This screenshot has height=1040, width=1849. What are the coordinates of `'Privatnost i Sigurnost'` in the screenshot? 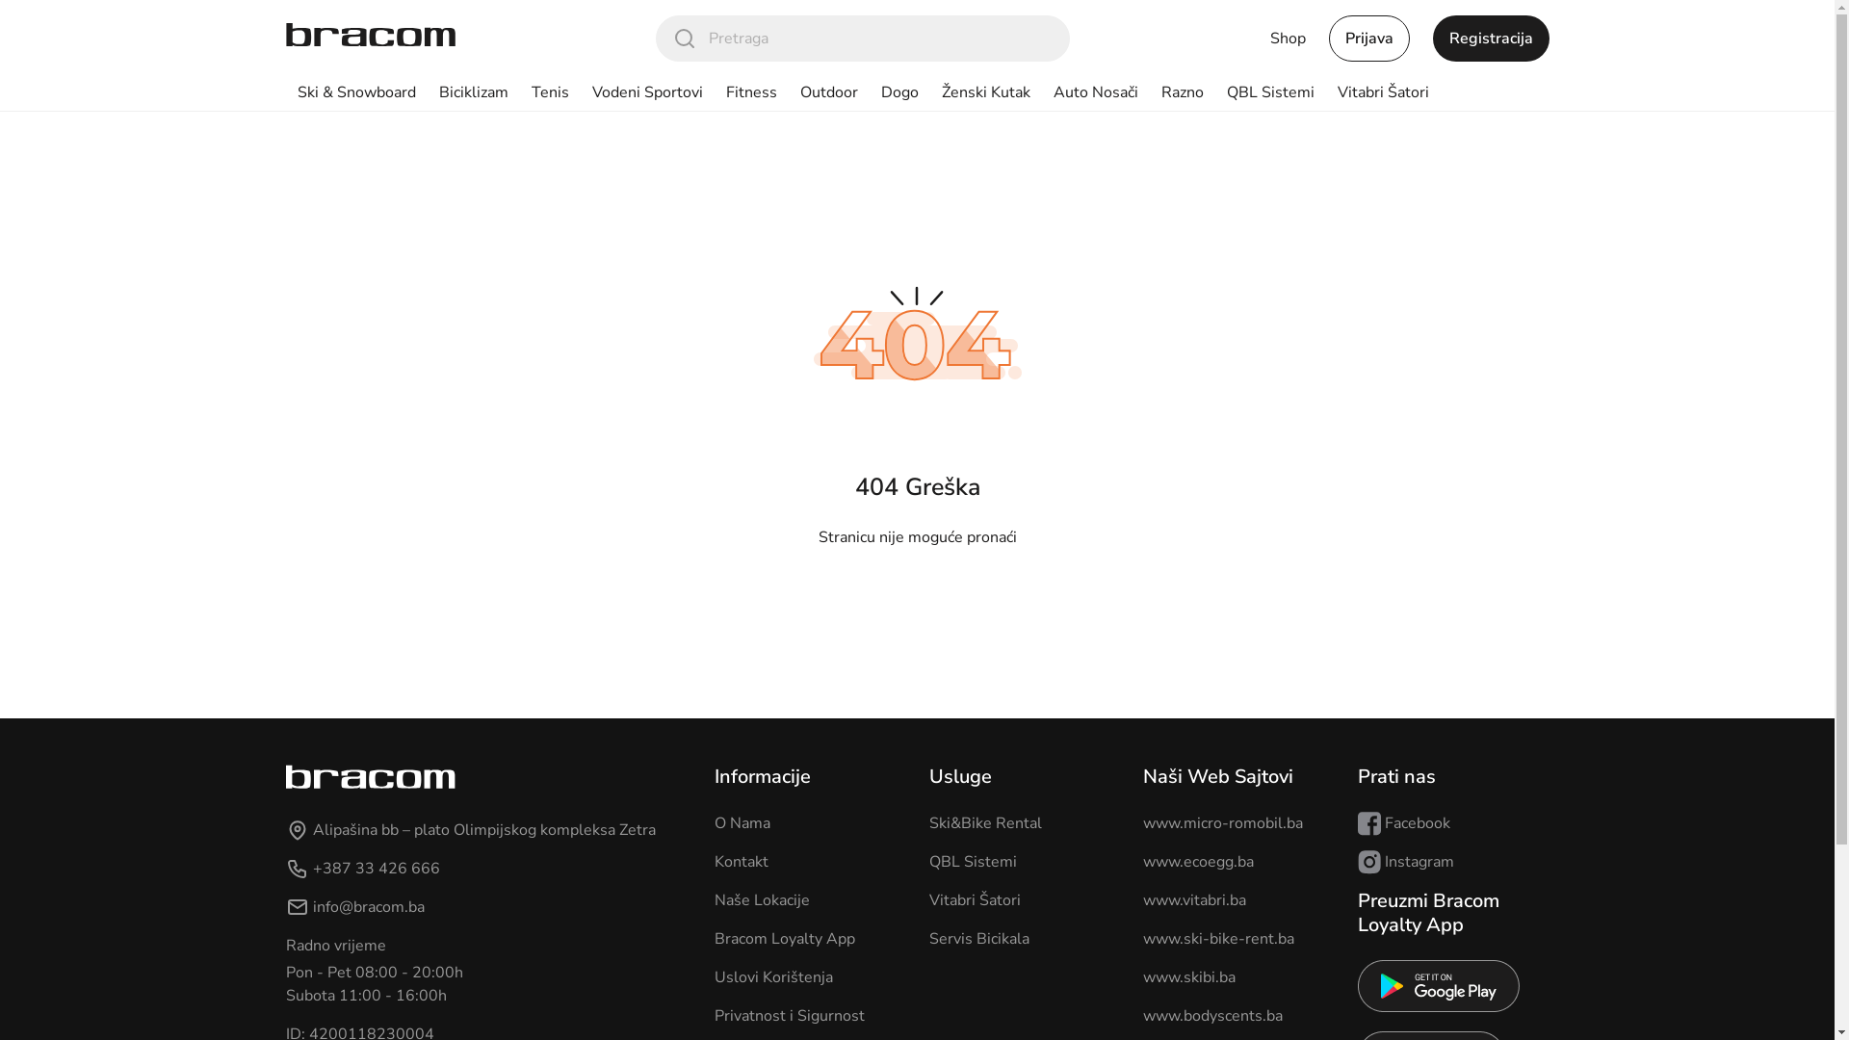 It's located at (790, 1015).